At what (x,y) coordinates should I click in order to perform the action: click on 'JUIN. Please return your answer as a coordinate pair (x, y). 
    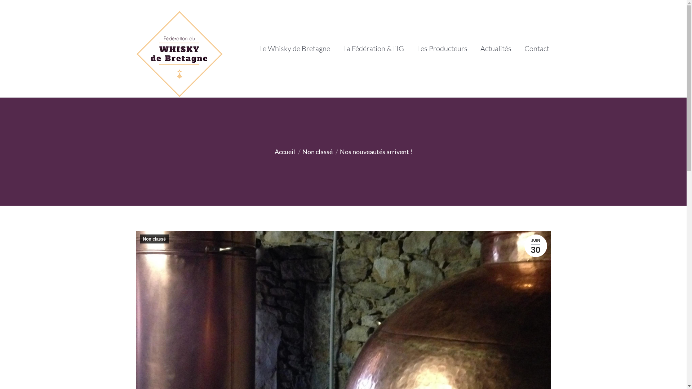
    Looking at the image, I should click on (524, 245).